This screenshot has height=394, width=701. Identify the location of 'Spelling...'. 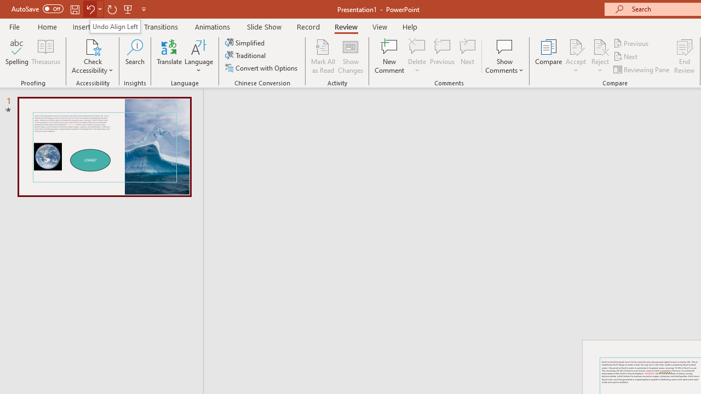
(17, 56).